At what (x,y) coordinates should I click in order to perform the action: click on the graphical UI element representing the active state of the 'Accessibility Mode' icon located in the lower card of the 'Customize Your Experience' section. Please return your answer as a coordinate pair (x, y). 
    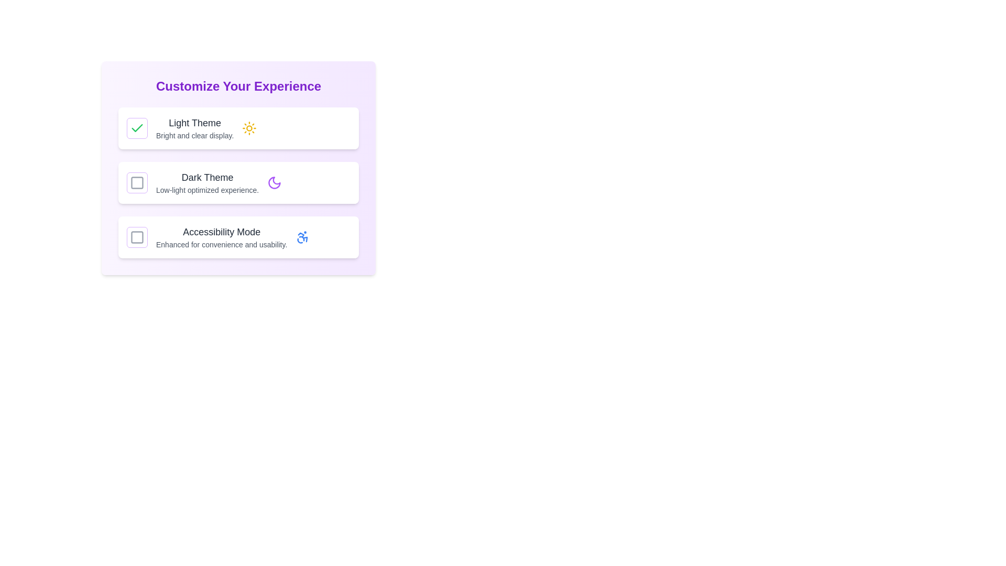
    Looking at the image, I should click on (137, 237).